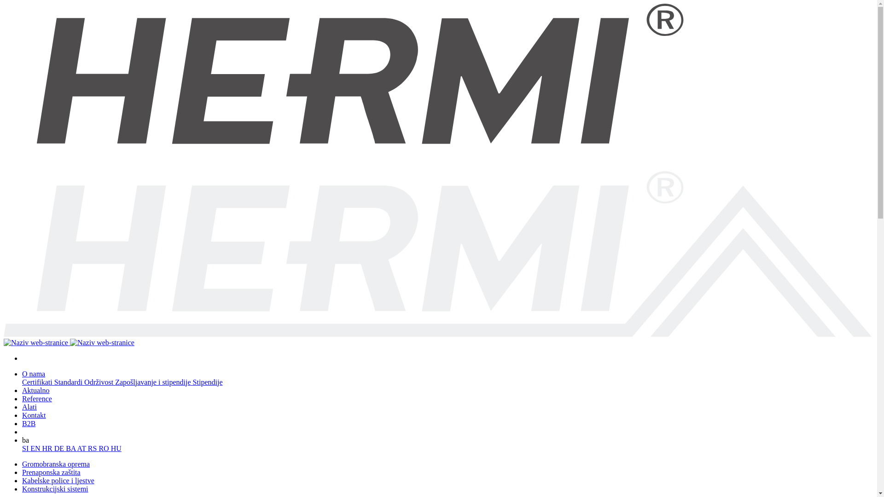  What do you see at coordinates (30, 448) in the screenshot?
I see `'EN'` at bounding box center [30, 448].